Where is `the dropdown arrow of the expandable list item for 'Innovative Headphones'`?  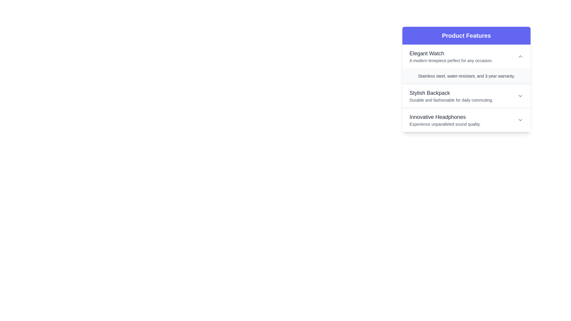
the dropdown arrow of the expandable list item for 'Innovative Headphones' is located at coordinates (466, 120).